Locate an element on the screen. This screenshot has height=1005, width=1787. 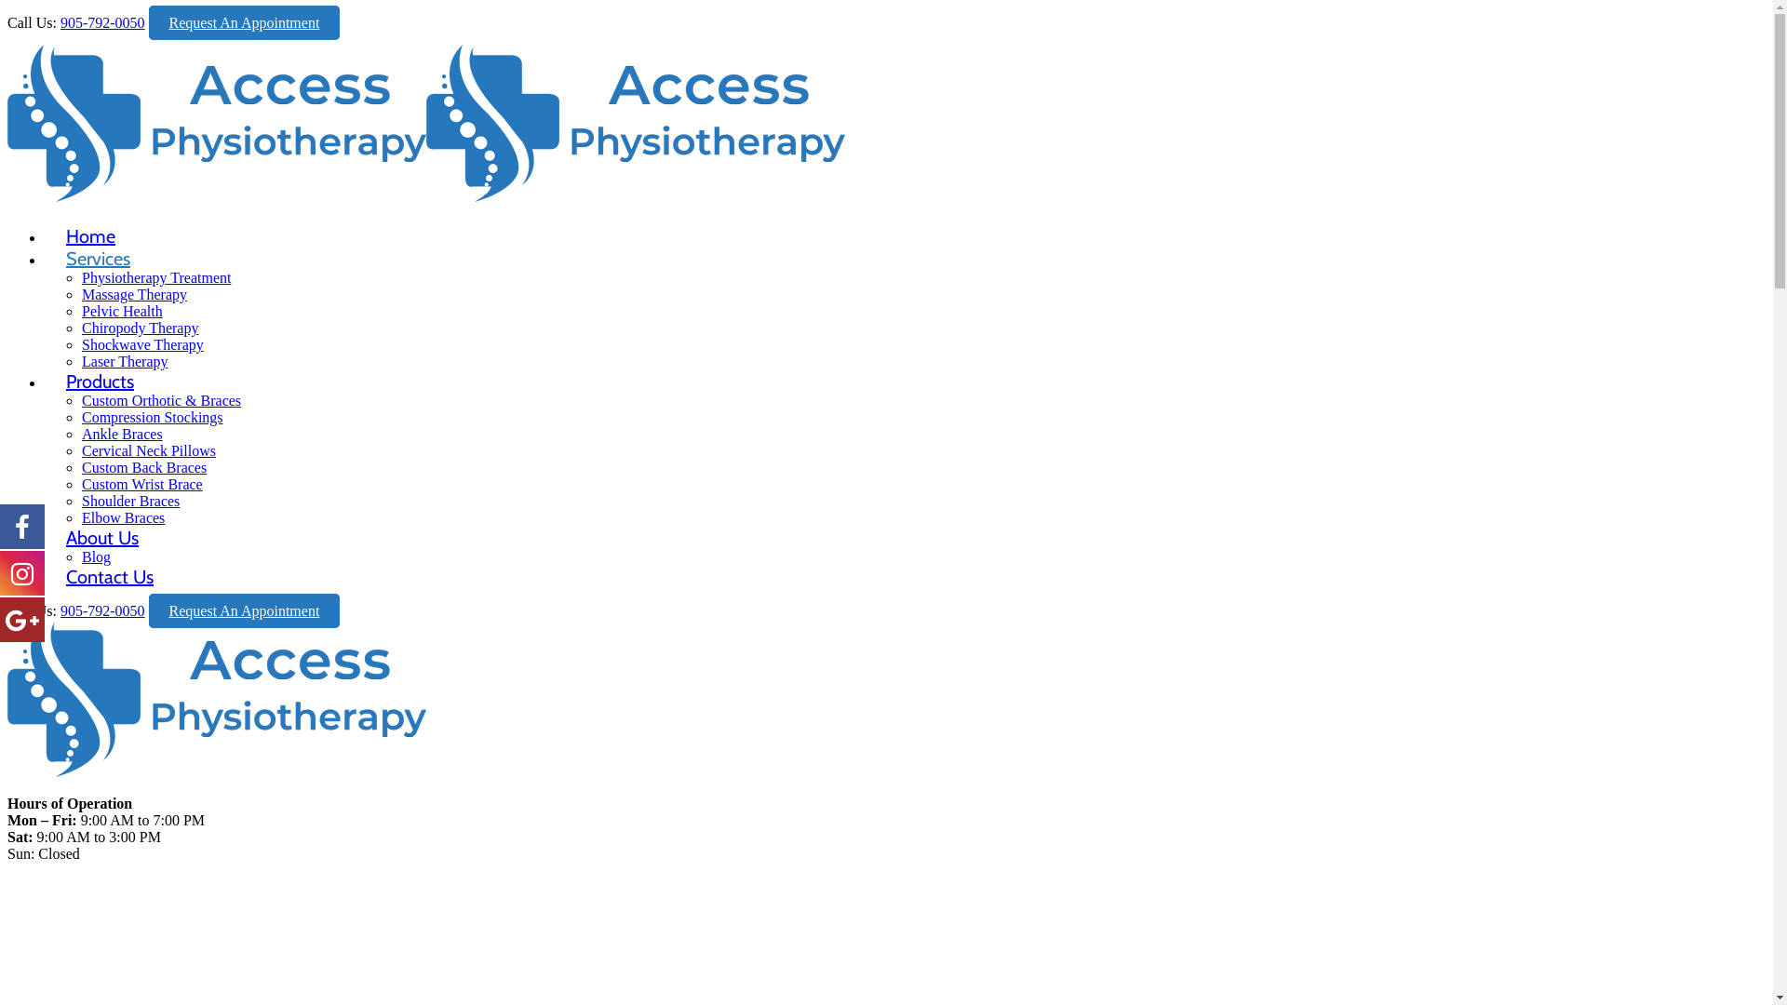
'About Us' is located at coordinates (101, 522).